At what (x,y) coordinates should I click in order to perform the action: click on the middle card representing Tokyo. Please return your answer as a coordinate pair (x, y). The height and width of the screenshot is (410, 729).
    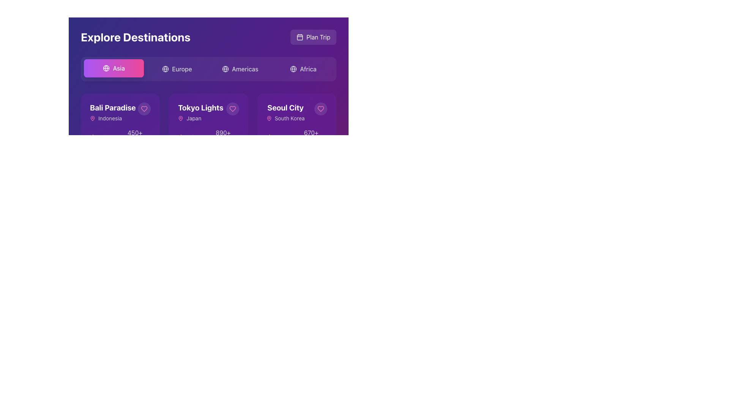
    Looking at the image, I should click on (200, 112).